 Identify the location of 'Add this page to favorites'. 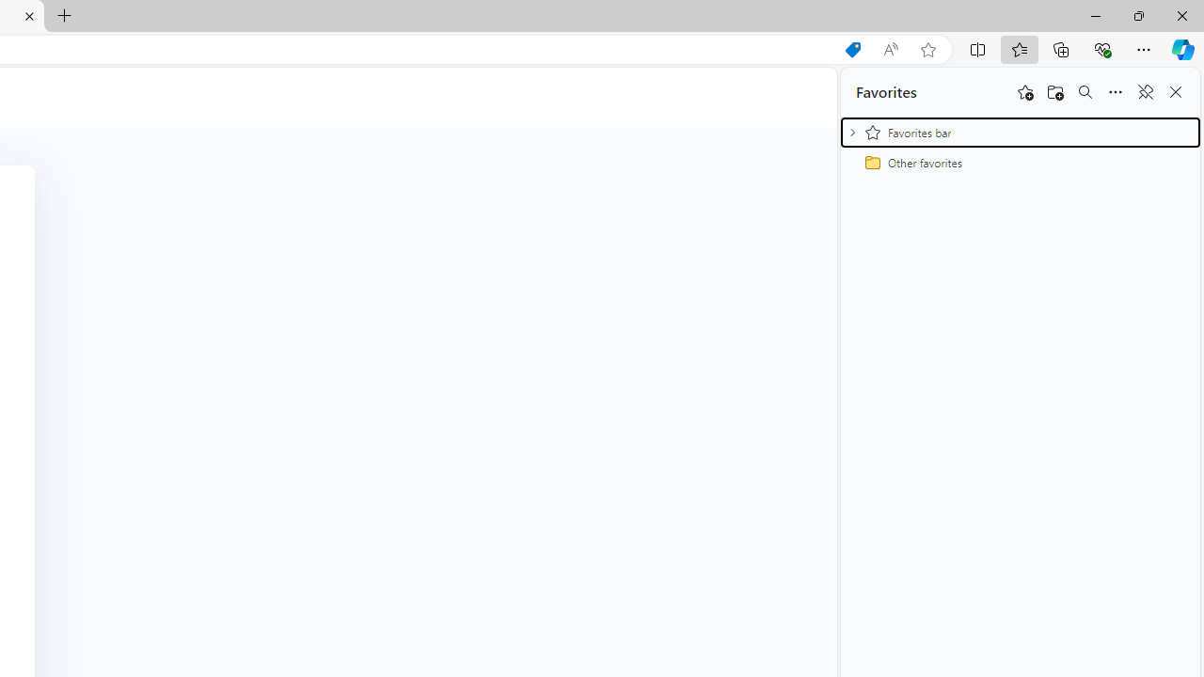
(1023, 92).